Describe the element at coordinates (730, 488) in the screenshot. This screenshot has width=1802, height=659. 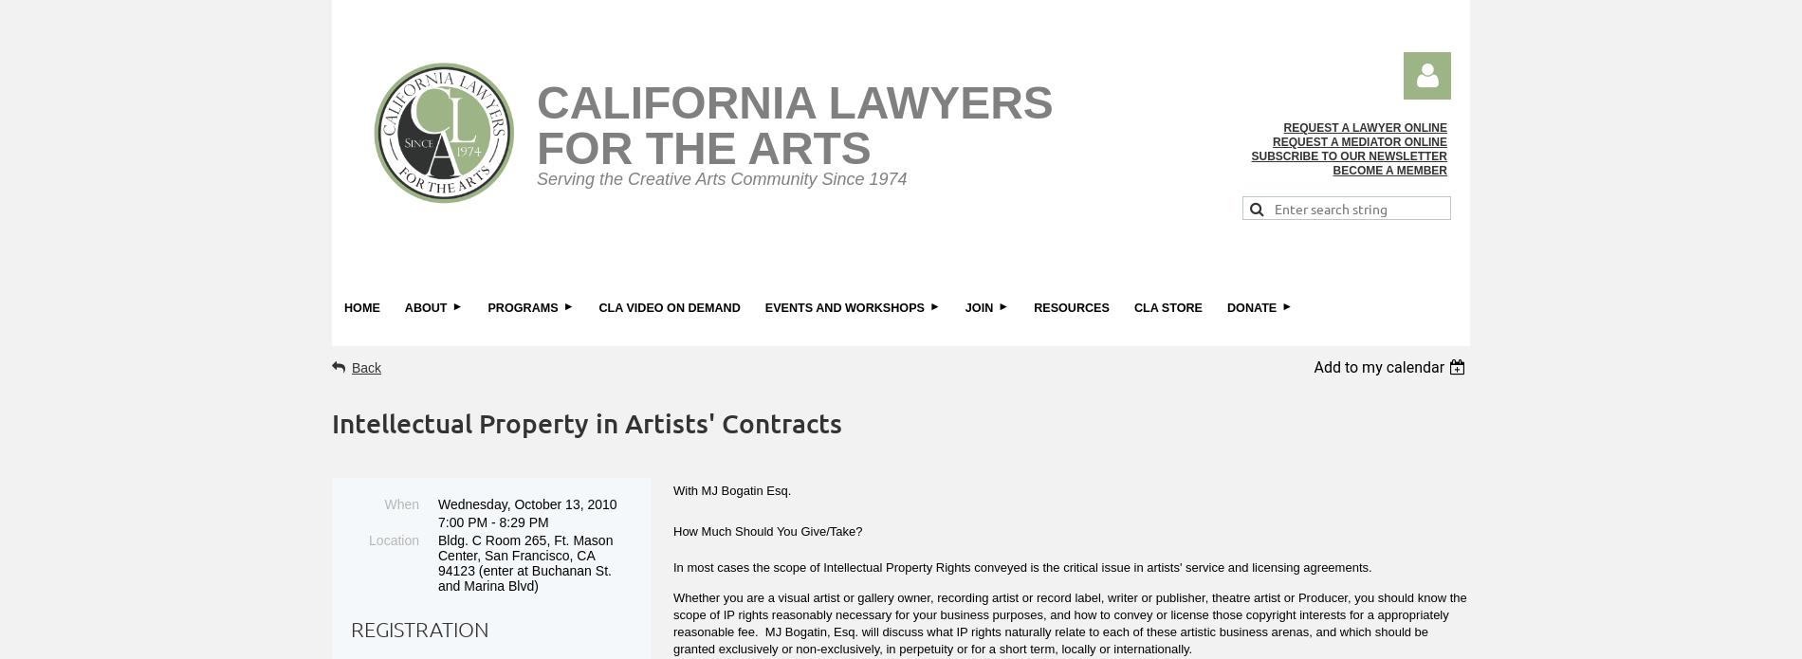
I see `'With MJ Bogatin Esq.'` at that location.